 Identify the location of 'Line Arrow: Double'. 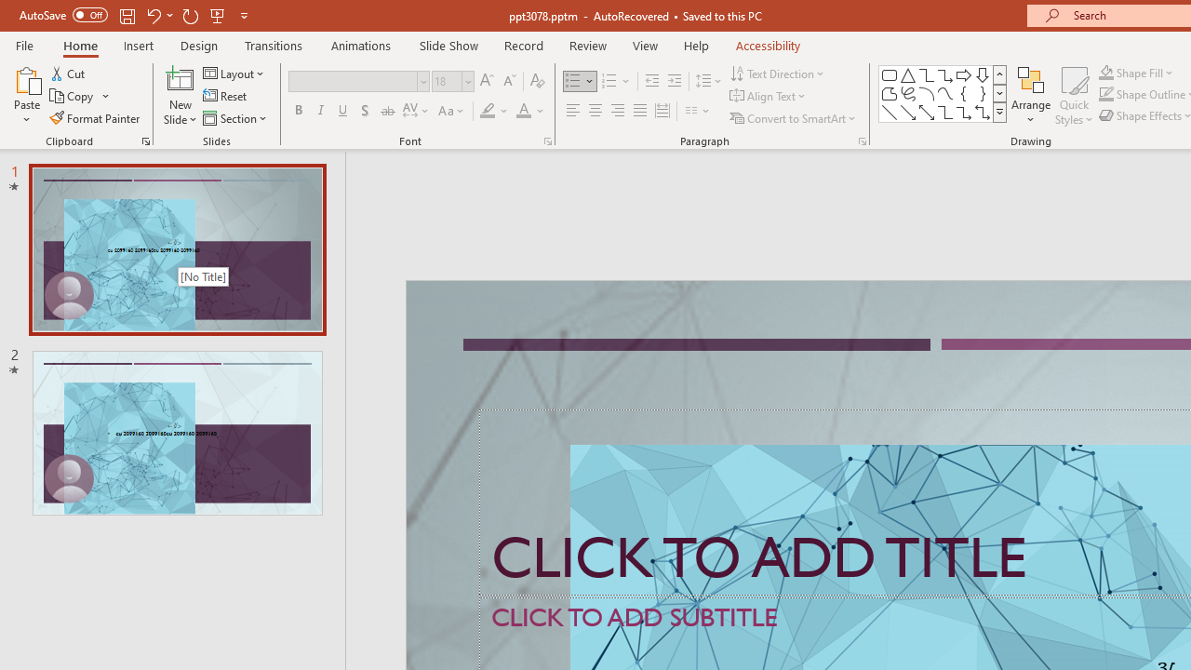
(926, 112).